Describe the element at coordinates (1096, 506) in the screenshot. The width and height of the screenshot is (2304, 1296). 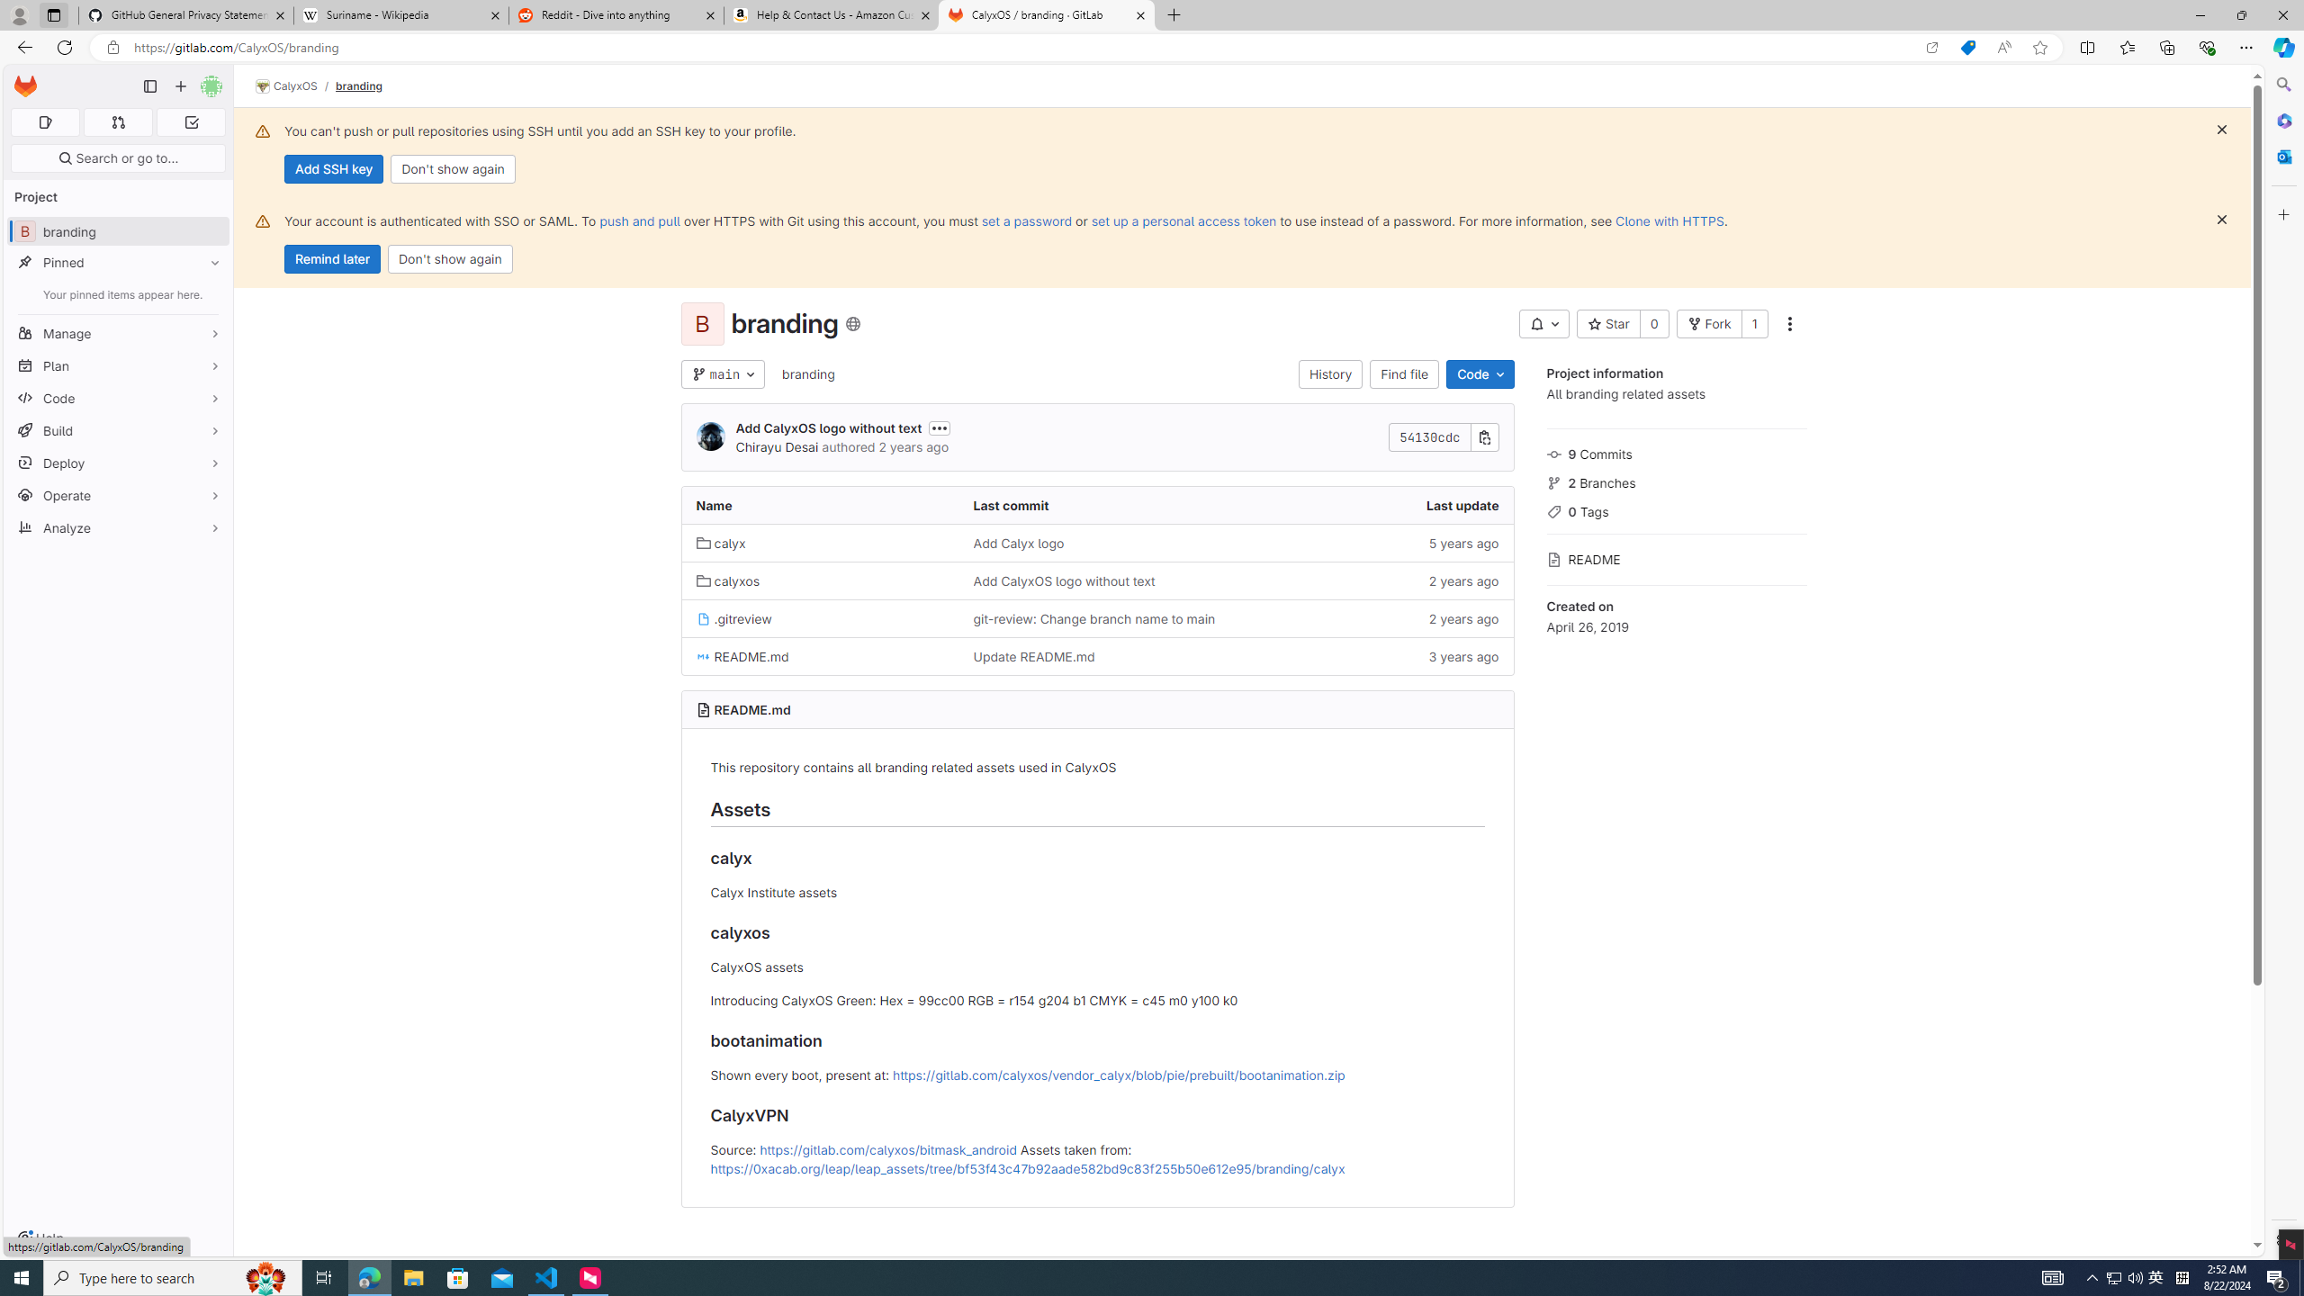
I see `'Last commit'` at that location.